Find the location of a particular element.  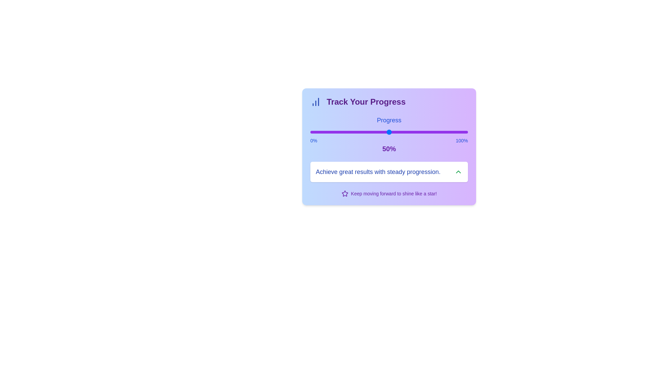

the progress value is located at coordinates (428, 132).